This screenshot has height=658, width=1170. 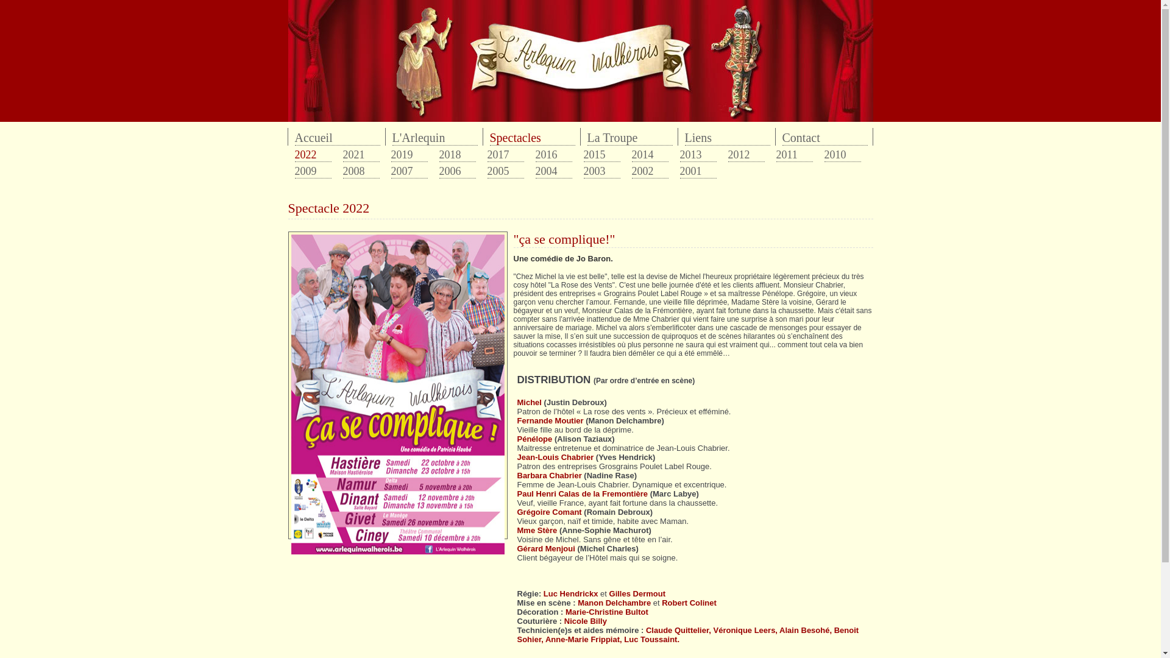 I want to click on '2019', so click(x=409, y=154).